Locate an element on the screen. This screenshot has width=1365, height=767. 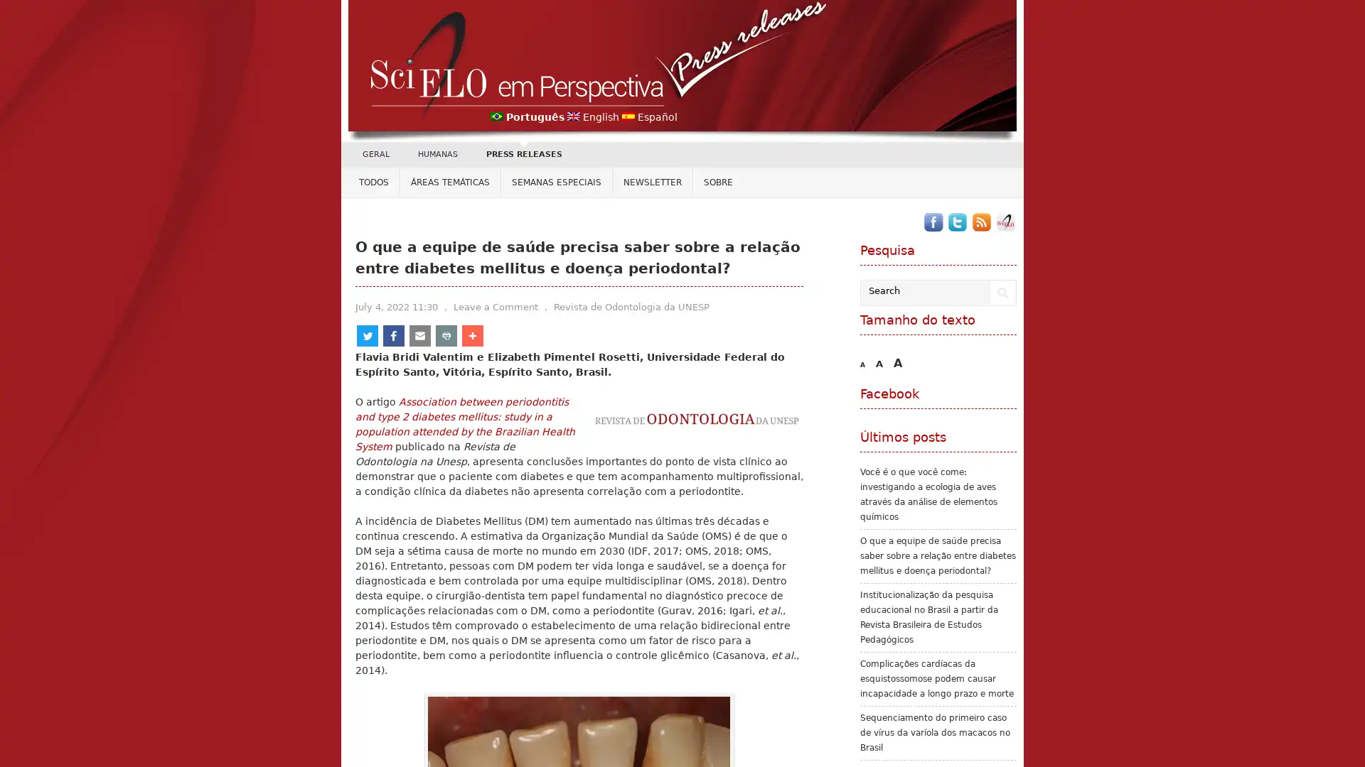
Share to Print Print is located at coordinates (584, 336).